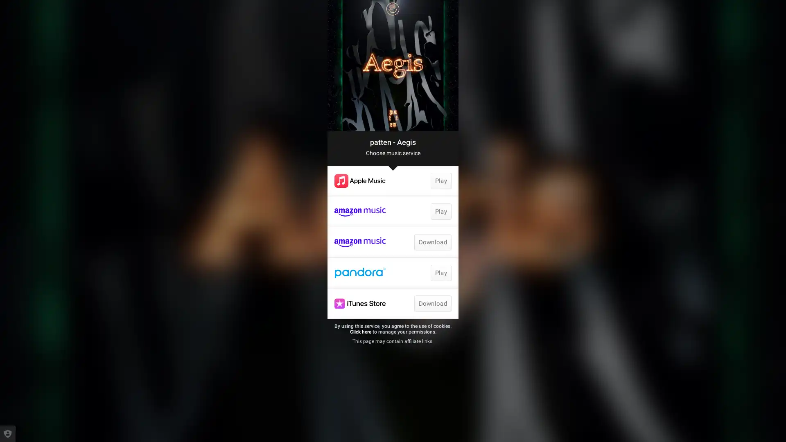 The image size is (786, 442). Describe the element at coordinates (360, 331) in the screenshot. I see `Click here` at that location.